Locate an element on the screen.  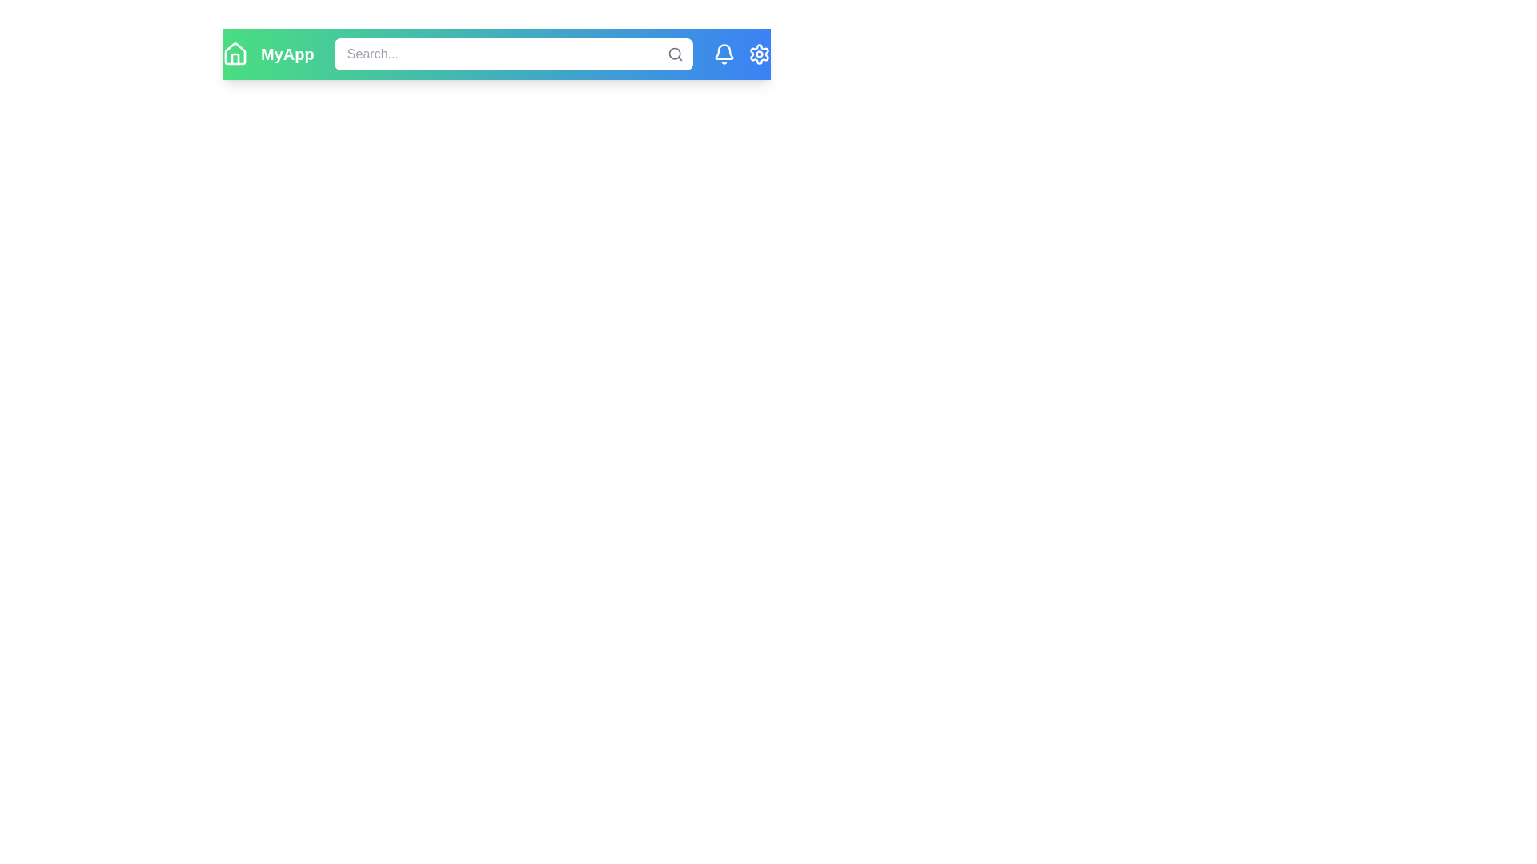
the search icon in the app bar is located at coordinates (675, 54).